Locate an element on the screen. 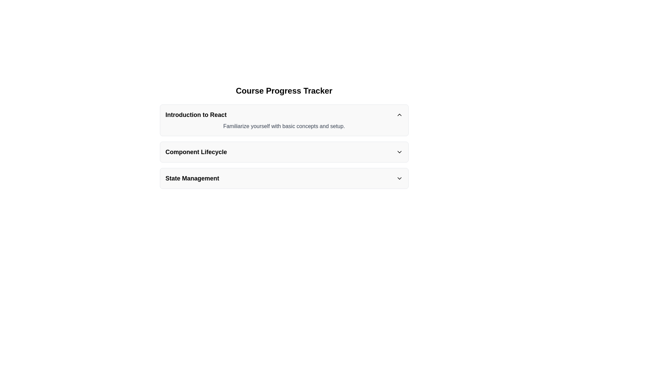  the Chevron Down icon at the far-right side of the 'State Management' header is located at coordinates (399, 178).